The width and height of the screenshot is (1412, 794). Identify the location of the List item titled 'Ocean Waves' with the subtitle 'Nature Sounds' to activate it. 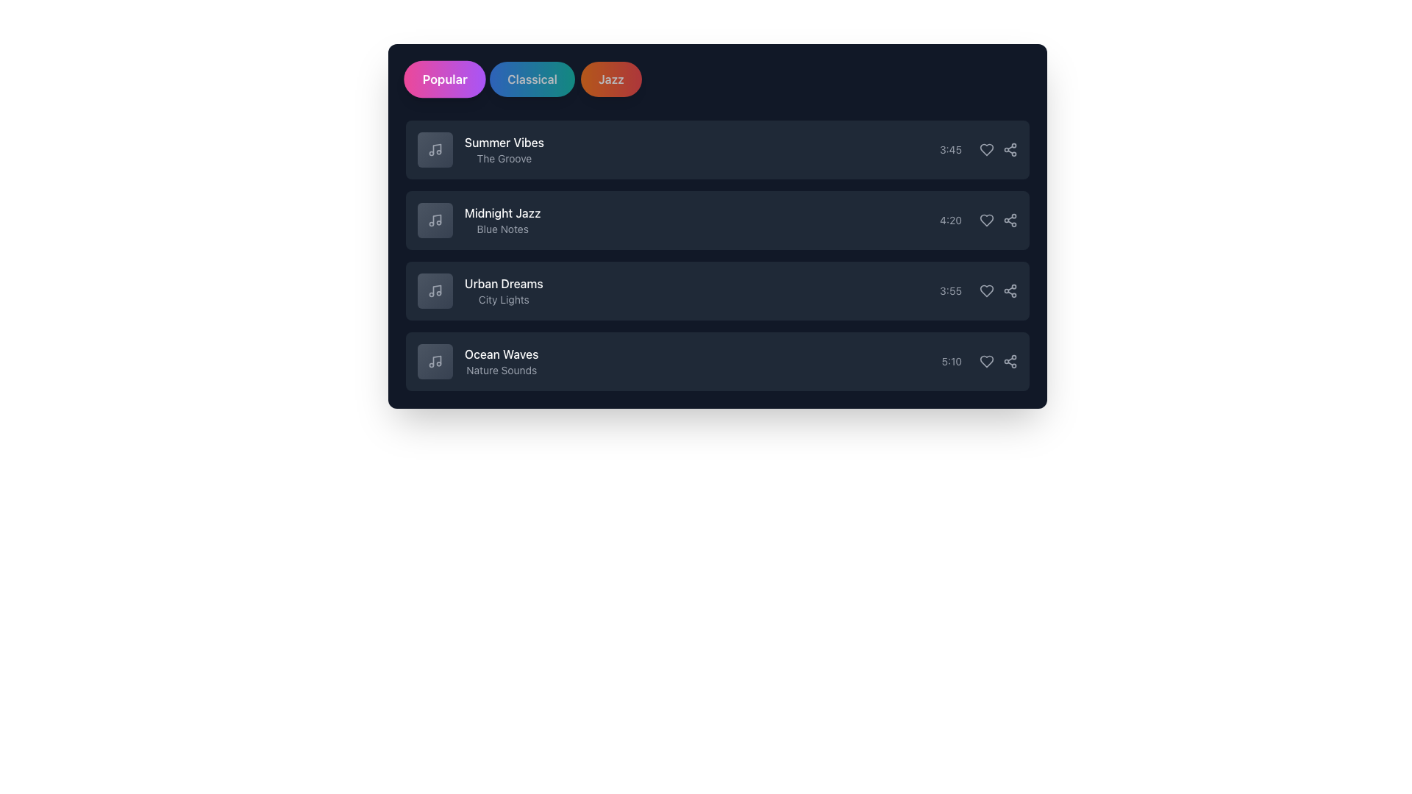
(717, 362).